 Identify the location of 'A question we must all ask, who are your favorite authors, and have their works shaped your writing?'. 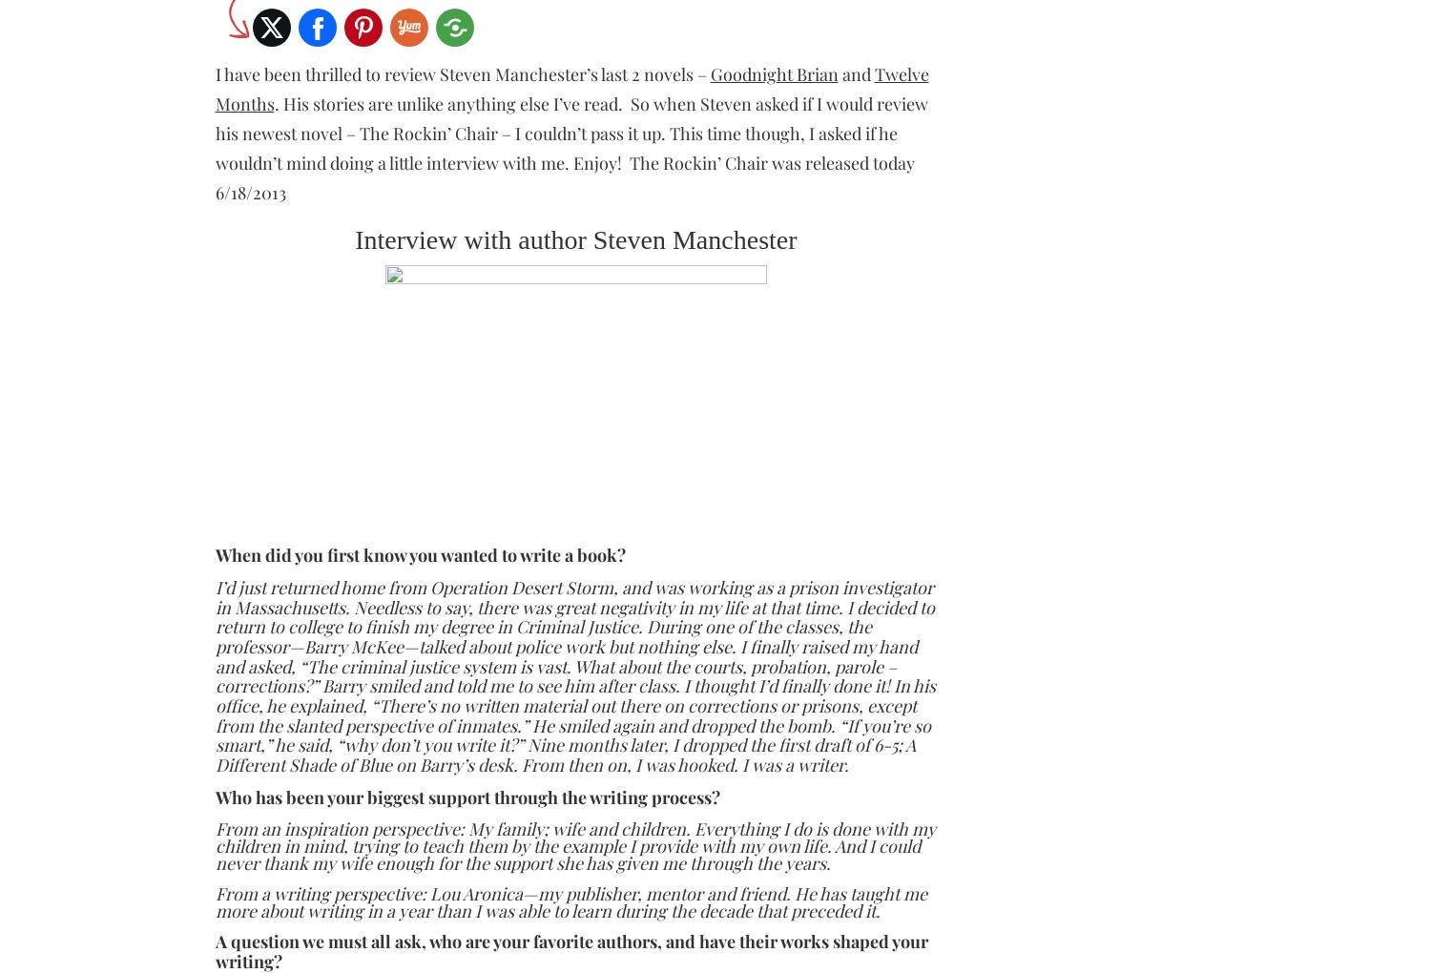
(570, 950).